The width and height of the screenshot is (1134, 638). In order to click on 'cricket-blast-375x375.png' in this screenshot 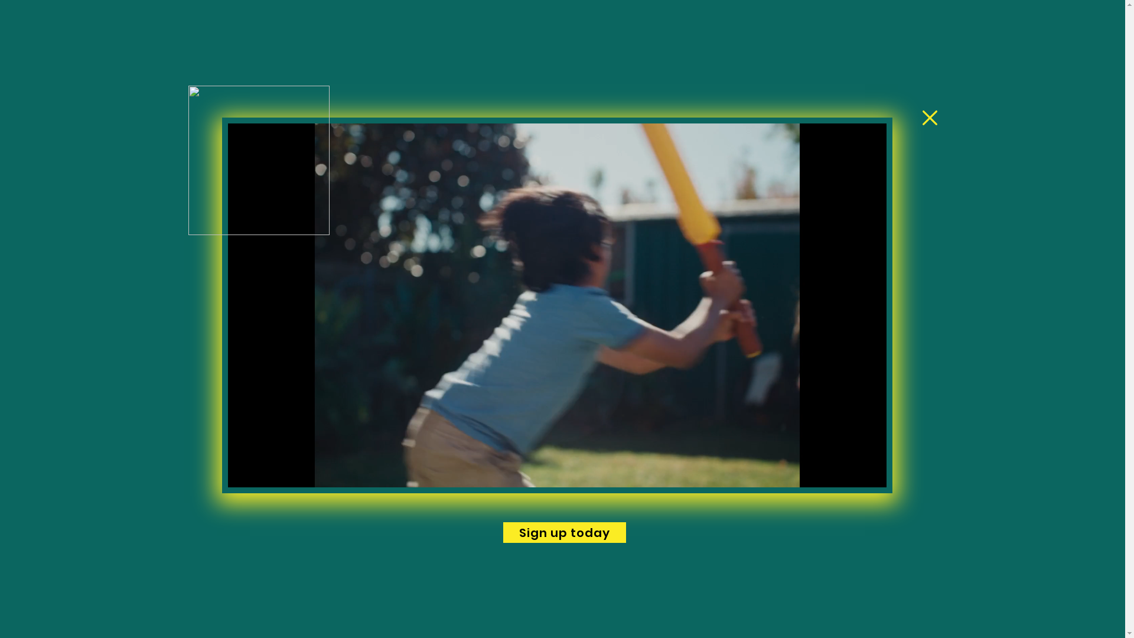, I will do `click(258, 160)`.